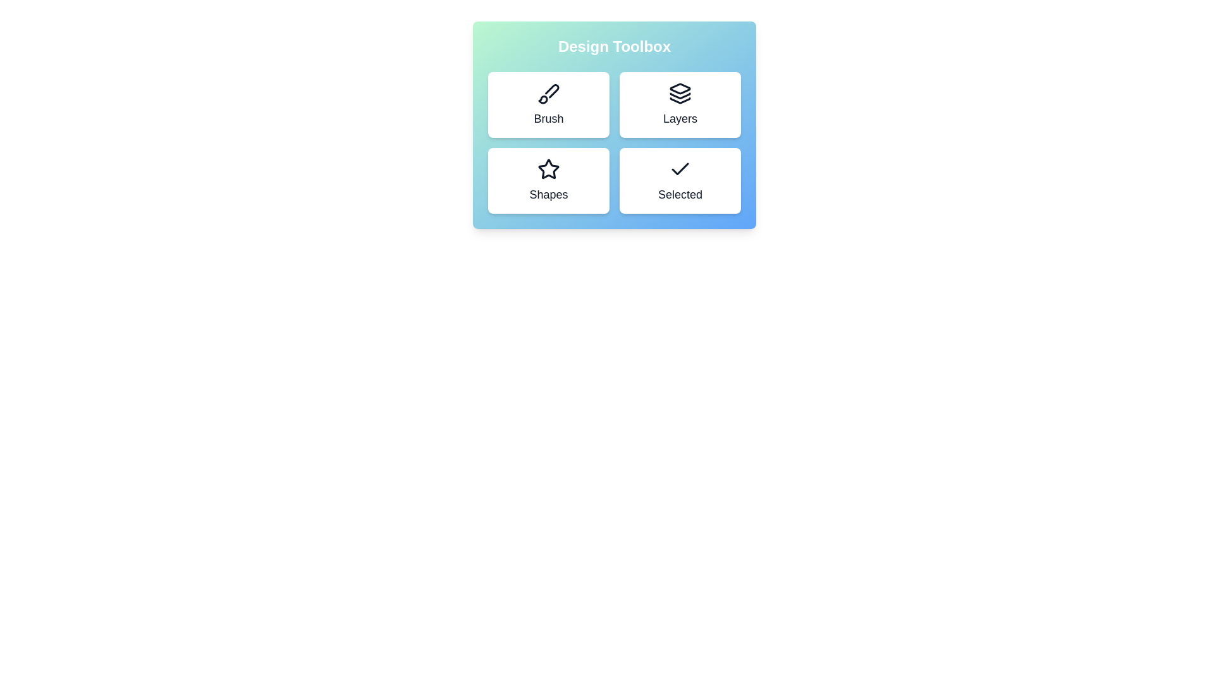  Describe the element at coordinates (549, 180) in the screenshot. I see `the tool Shapes to observe hover effects` at that location.